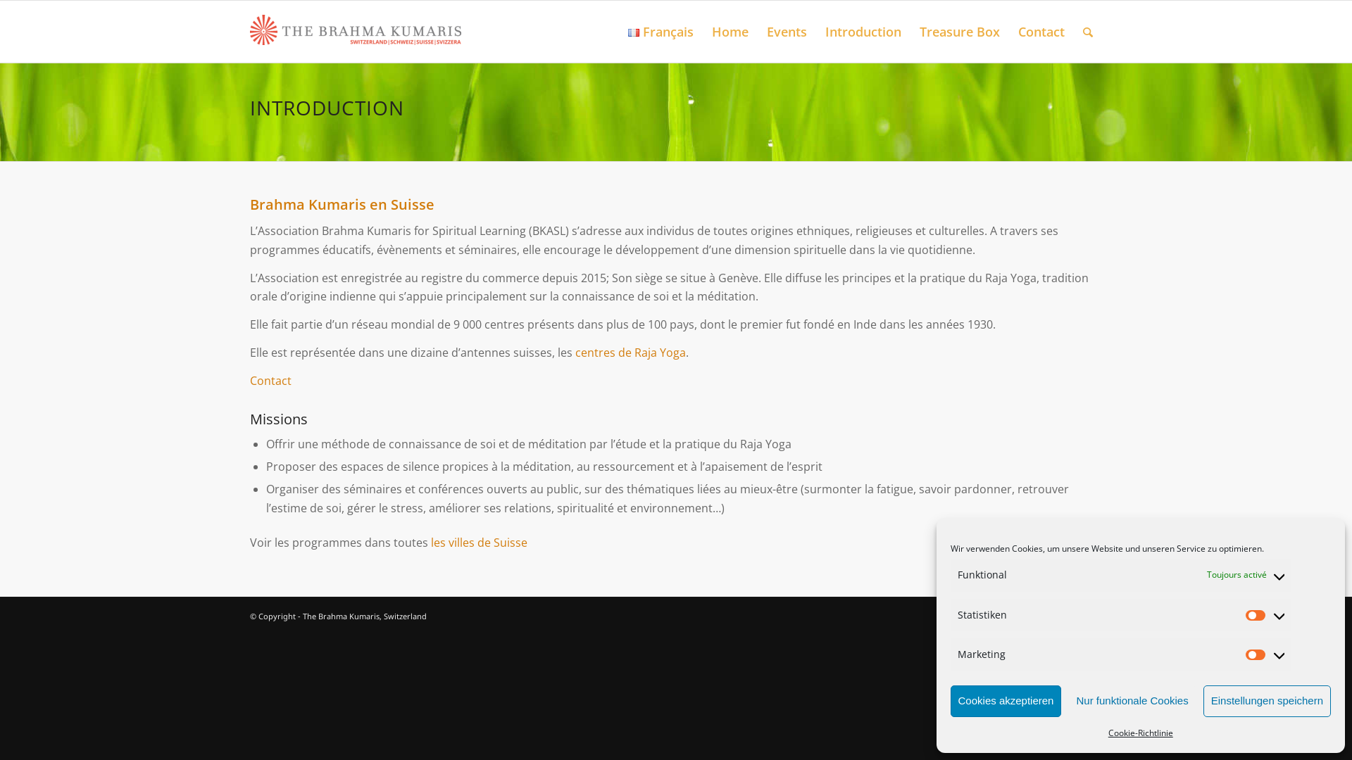 This screenshot has height=760, width=1352. What do you see at coordinates (703, 32) in the screenshot?
I see `'Home'` at bounding box center [703, 32].